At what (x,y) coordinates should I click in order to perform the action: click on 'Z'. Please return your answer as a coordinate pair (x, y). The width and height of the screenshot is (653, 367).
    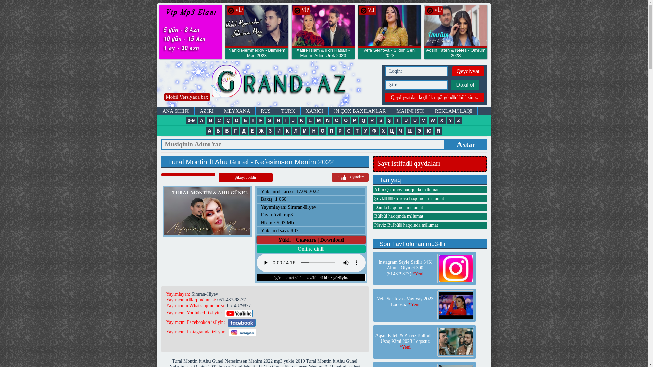
    Looking at the image, I should click on (458, 120).